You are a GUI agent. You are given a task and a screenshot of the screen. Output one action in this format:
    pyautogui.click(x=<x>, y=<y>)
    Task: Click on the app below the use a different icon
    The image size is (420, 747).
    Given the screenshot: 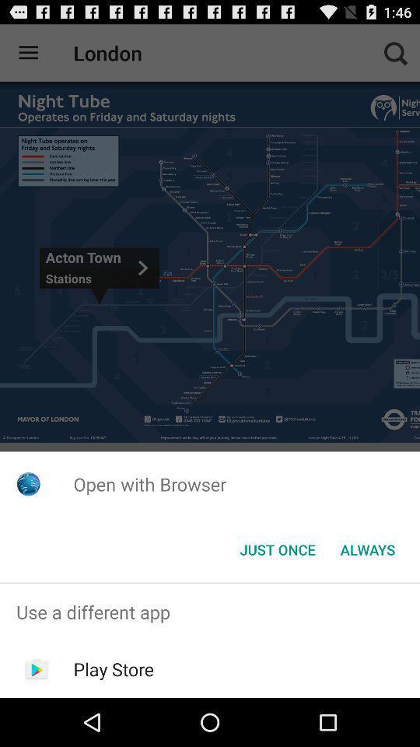 What is the action you would take?
    pyautogui.click(x=113, y=668)
    